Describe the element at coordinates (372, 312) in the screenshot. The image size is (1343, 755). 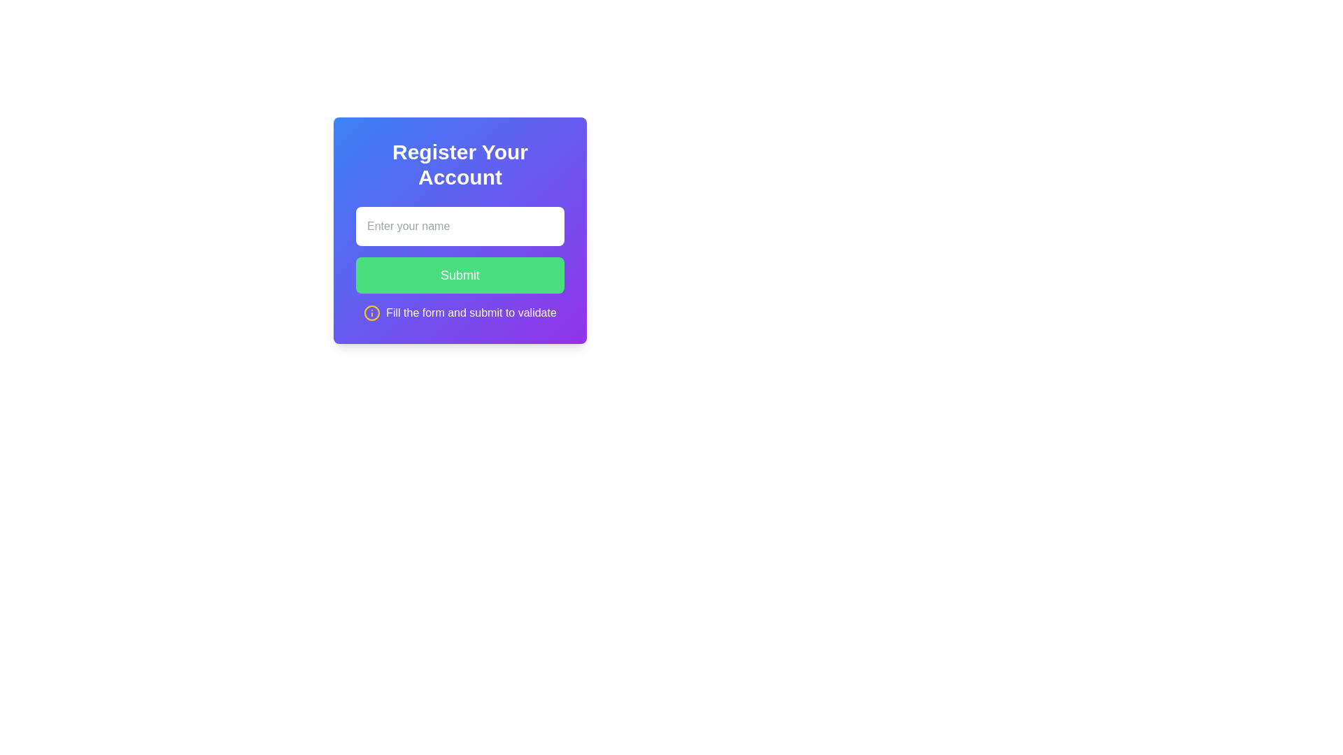
I see `the Circle element in the vector graphic, which is part of an icon located to the left of the text label 'Fill the form and submit to validate' at the bottom of the registration form` at that location.